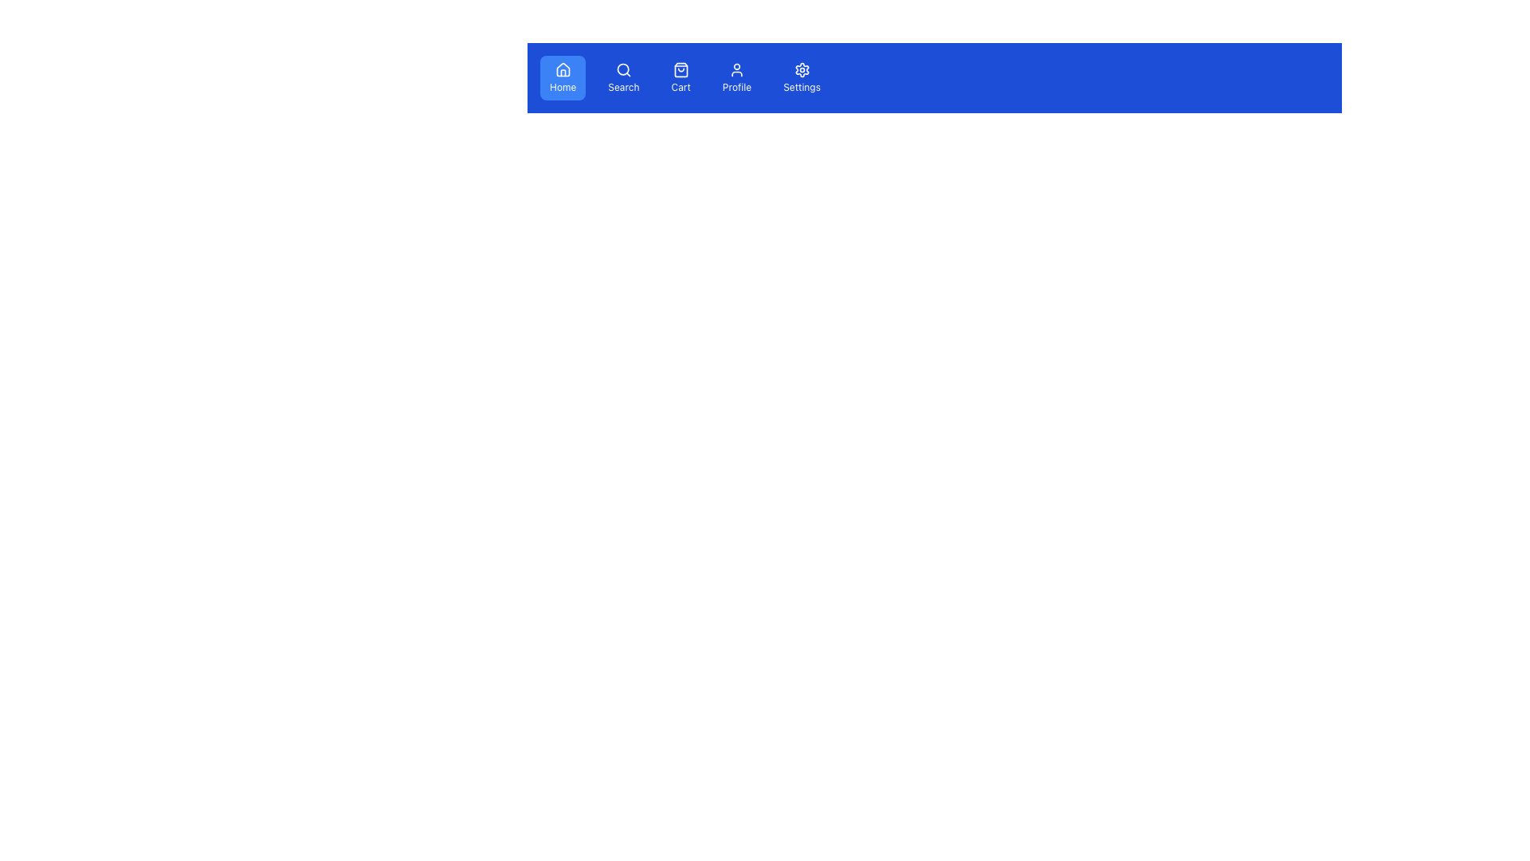 The height and width of the screenshot is (861, 1530). Describe the element at coordinates (622, 69) in the screenshot. I see `the central circular part of the search icon, which is the second icon from the left in the top navigation bar, located between the 'Home' and 'Cart' icons` at that location.